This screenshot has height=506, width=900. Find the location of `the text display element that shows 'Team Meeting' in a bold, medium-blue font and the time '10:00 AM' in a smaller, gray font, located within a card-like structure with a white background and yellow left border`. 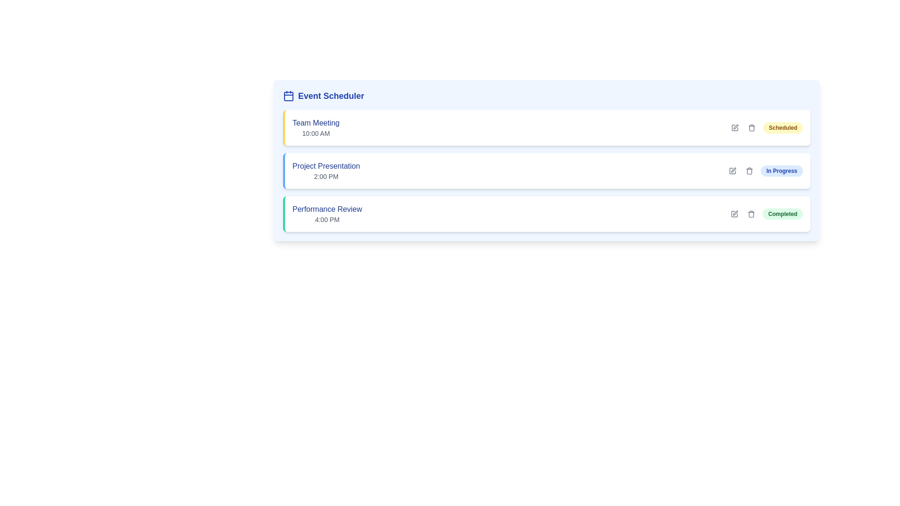

the text display element that shows 'Team Meeting' in a bold, medium-blue font and the time '10:00 AM' in a smaller, gray font, located within a card-like structure with a white background and yellow left border is located at coordinates (316, 128).